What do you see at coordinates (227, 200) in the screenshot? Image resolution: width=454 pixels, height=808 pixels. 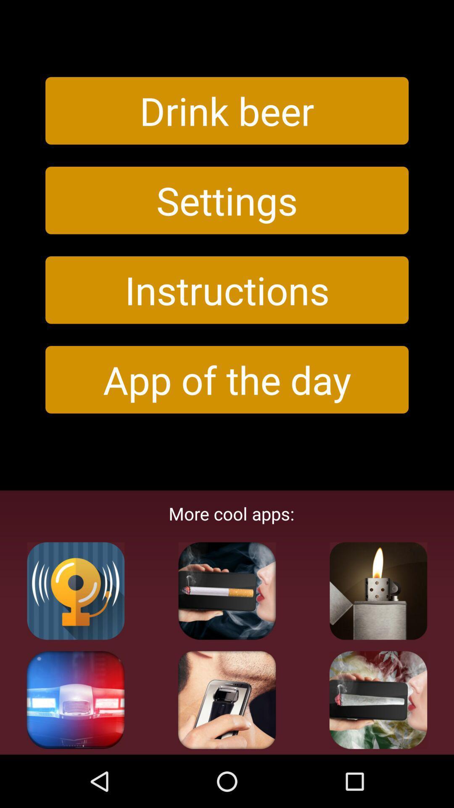 I see `settings` at bounding box center [227, 200].